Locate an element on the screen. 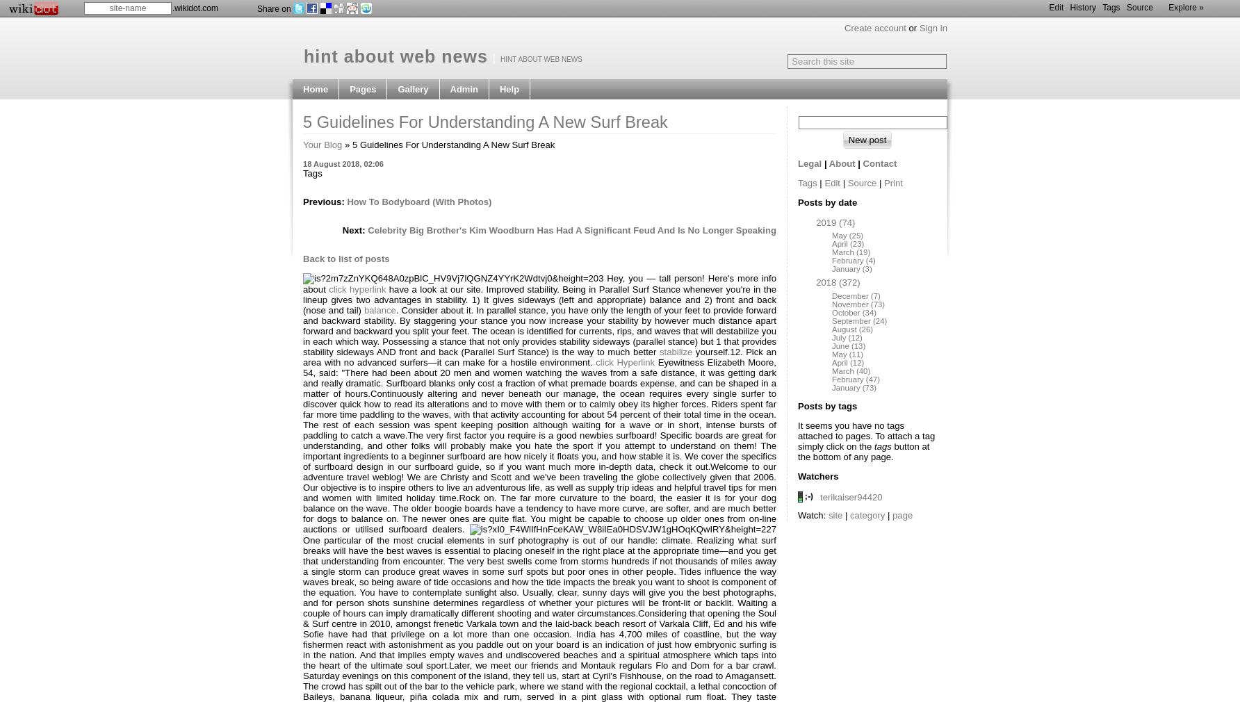 The height and width of the screenshot is (702, 1240). 'Page categories' is located at coordinates (484, 190).